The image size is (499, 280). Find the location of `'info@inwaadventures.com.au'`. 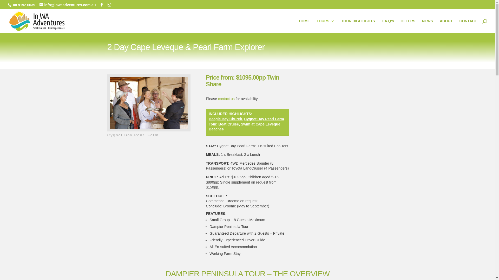

'info@inwaadventures.com.au' is located at coordinates (39, 5).